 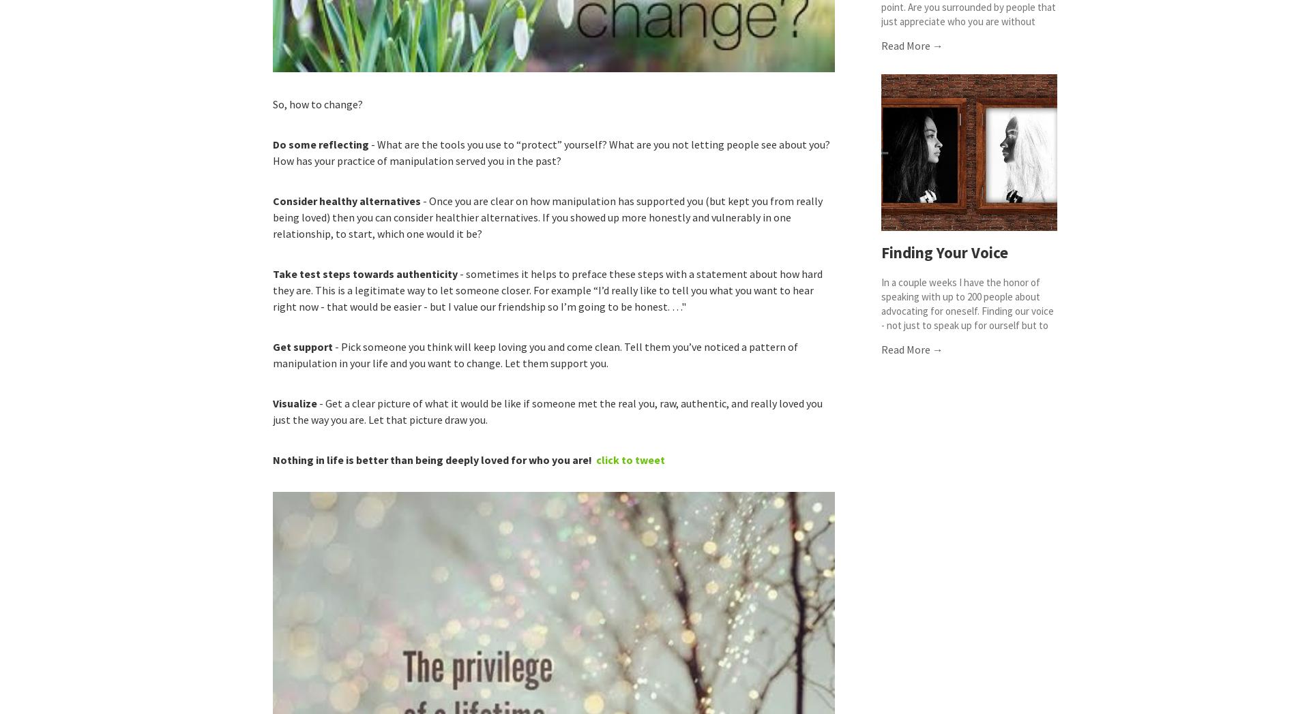 I want to click on 'Nothing in life is better than being deeply loved for who you are!', so click(x=433, y=459).